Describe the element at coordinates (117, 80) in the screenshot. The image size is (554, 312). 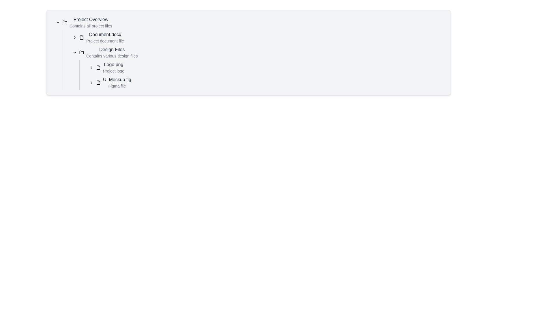
I see `the text label displaying 'UI Mockup.fig'` at that location.